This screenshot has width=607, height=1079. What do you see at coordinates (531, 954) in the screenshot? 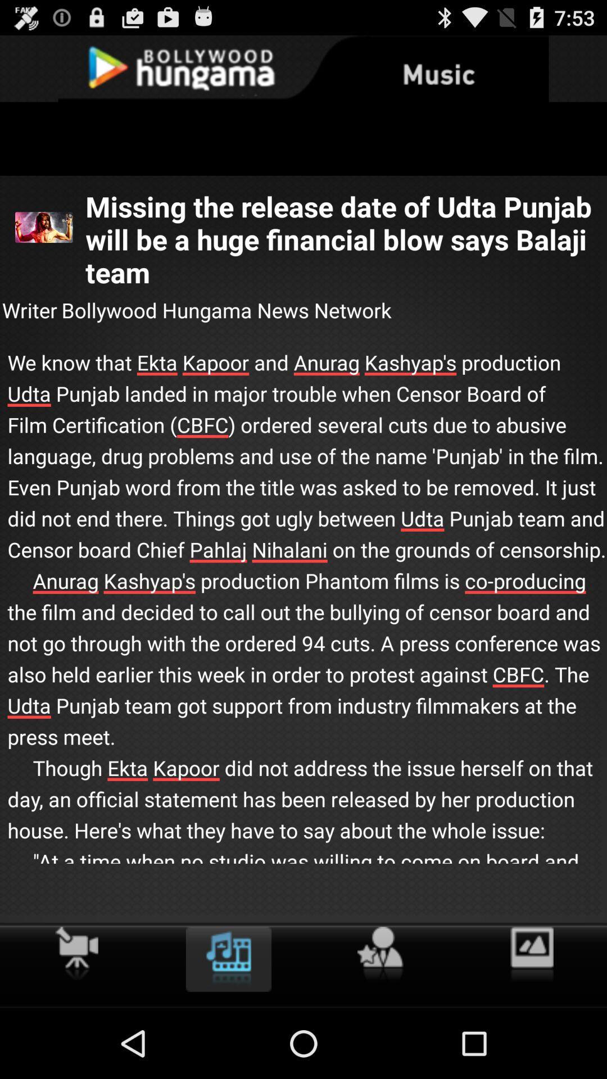
I see `the item below we know that icon` at bounding box center [531, 954].